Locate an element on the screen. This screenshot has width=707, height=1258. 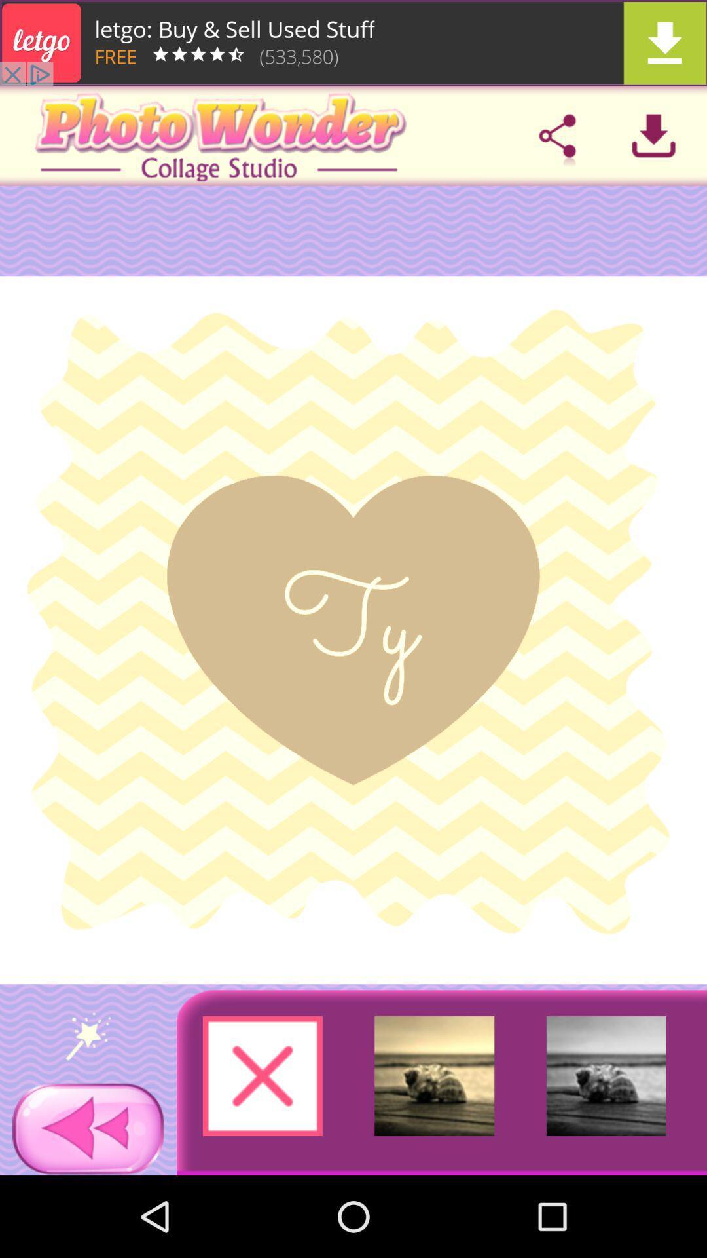
share the image is located at coordinates (557, 136).